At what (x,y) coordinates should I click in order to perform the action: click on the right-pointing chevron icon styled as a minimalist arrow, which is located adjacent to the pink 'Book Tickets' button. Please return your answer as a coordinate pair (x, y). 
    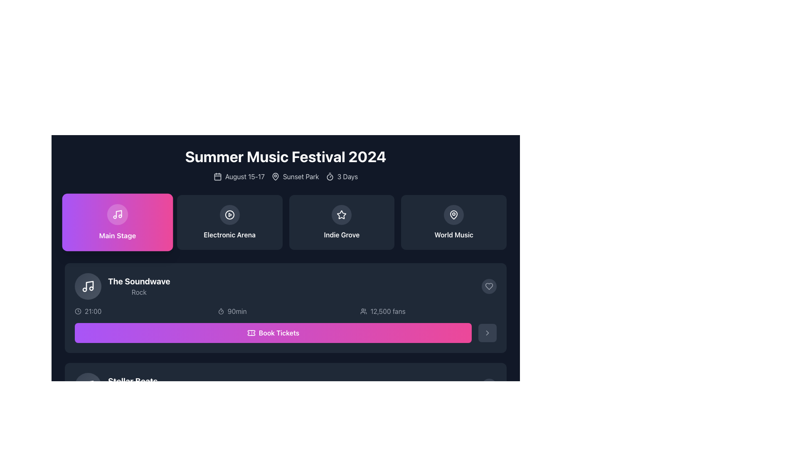
    Looking at the image, I should click on (487, 333).